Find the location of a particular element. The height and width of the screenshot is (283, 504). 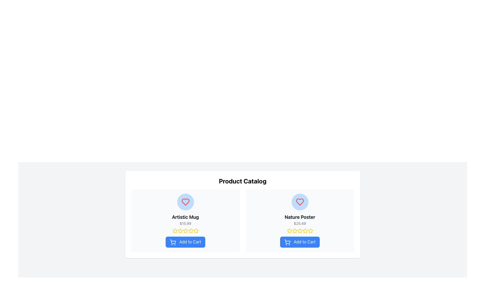

the yellow star icon located in the second product card (Nature Poster), positioned below the product price and in the middle of the rating stars is located at coordinates (289, 230).